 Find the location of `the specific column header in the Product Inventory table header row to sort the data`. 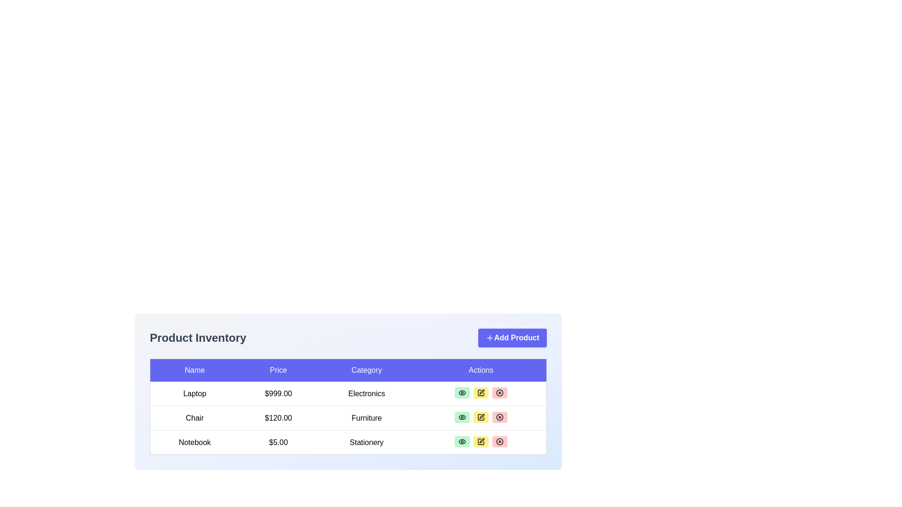

the specific column header in the Product Inventory table header row to sort the data is located at coordinates (348, 369).